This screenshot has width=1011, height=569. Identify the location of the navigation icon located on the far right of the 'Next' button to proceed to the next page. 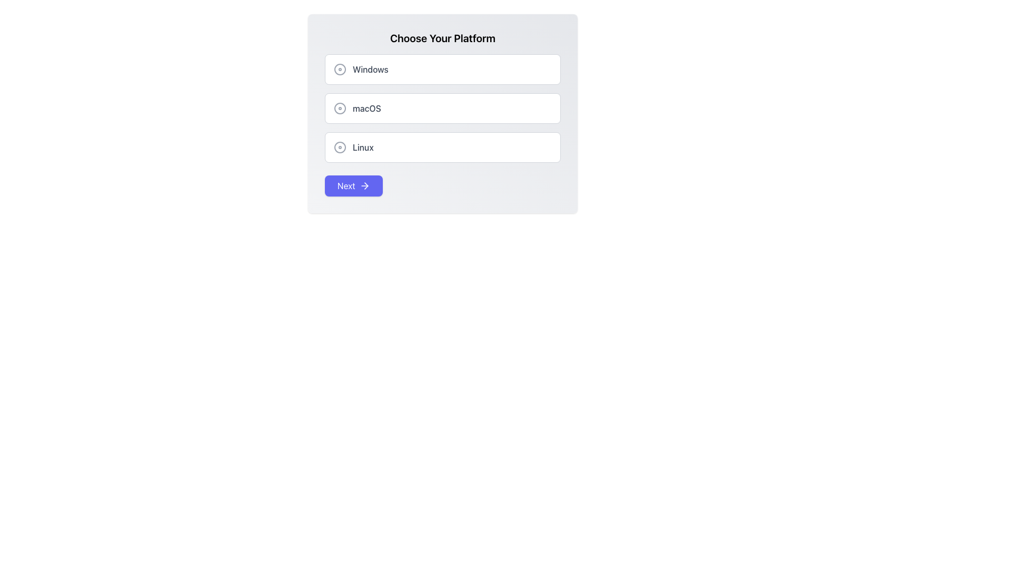
(364, 185).